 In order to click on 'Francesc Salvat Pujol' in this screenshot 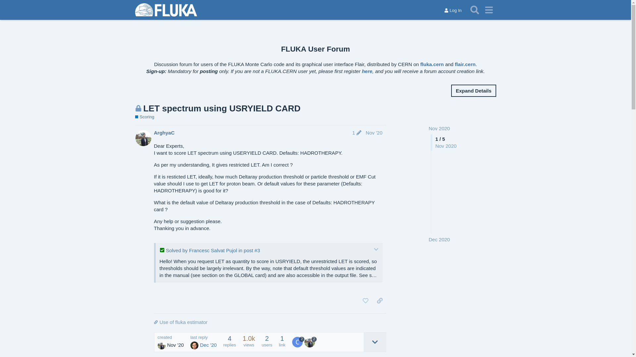, I will do `click(297, 342)`.